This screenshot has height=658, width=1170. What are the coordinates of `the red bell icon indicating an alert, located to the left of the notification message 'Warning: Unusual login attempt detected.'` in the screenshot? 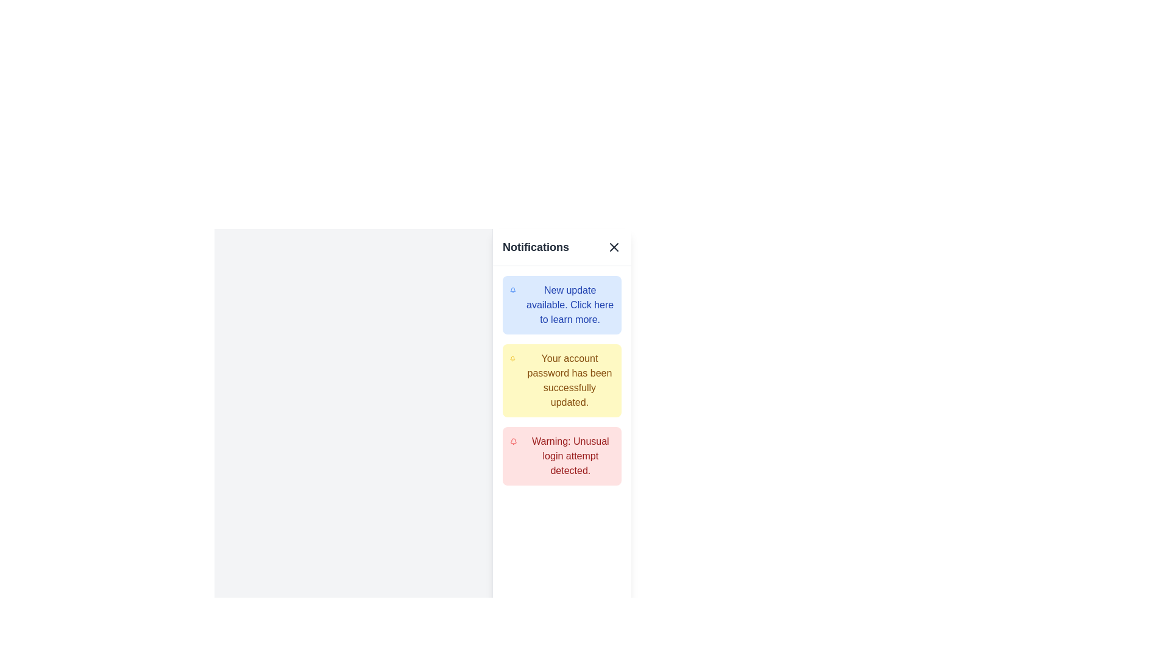 It's located at (513, 442).